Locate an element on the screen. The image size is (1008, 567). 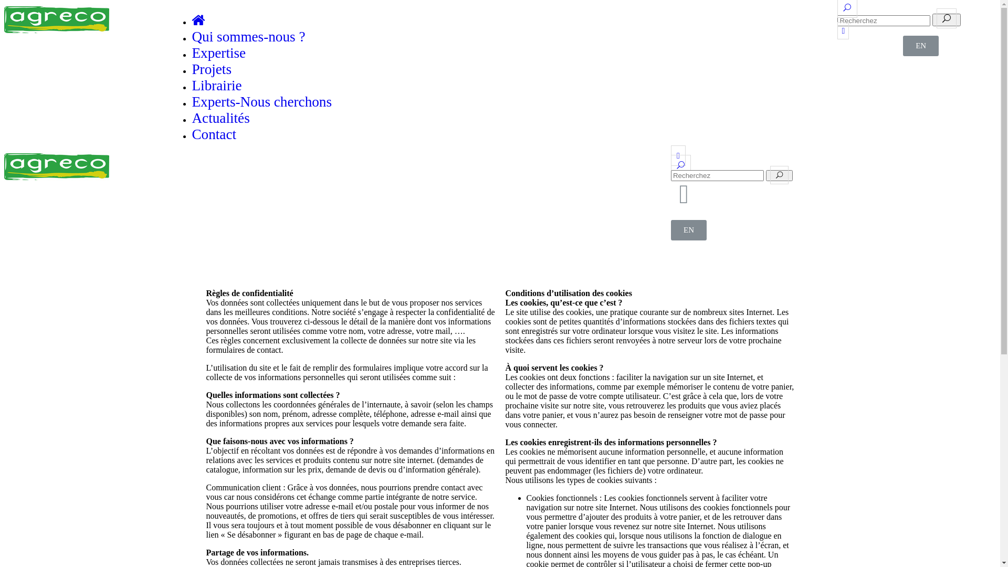
'Expertise' is located at coordinates (25, 166).